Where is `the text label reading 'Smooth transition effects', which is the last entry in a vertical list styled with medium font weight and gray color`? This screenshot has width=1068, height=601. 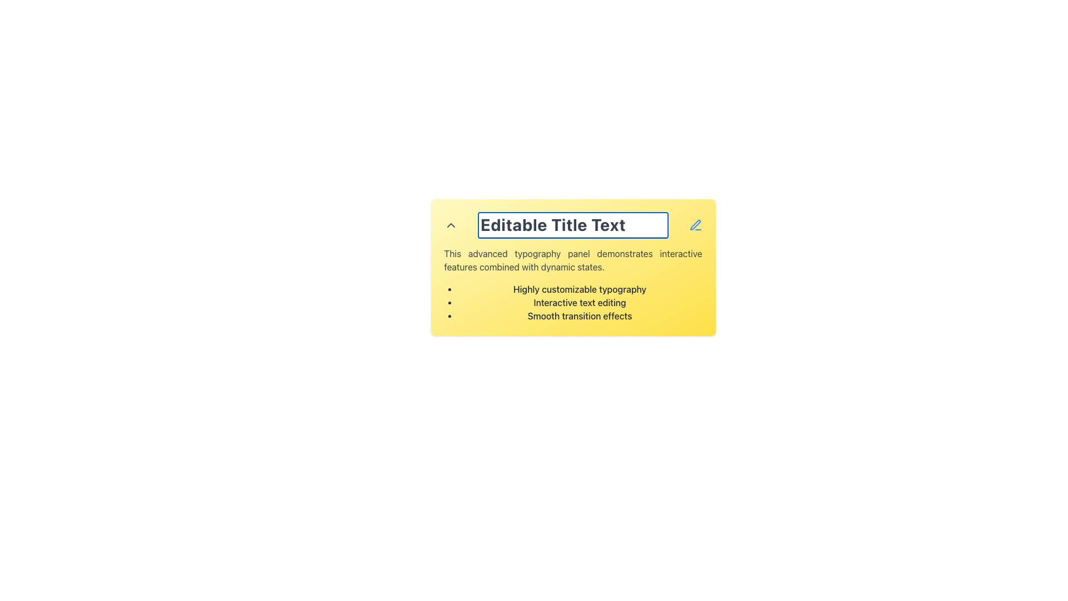
the text label reading 'Smooth transition effects', which is the last entry in a vertical list styled with medium font weight and gray color is located at coordinates (579, 316).